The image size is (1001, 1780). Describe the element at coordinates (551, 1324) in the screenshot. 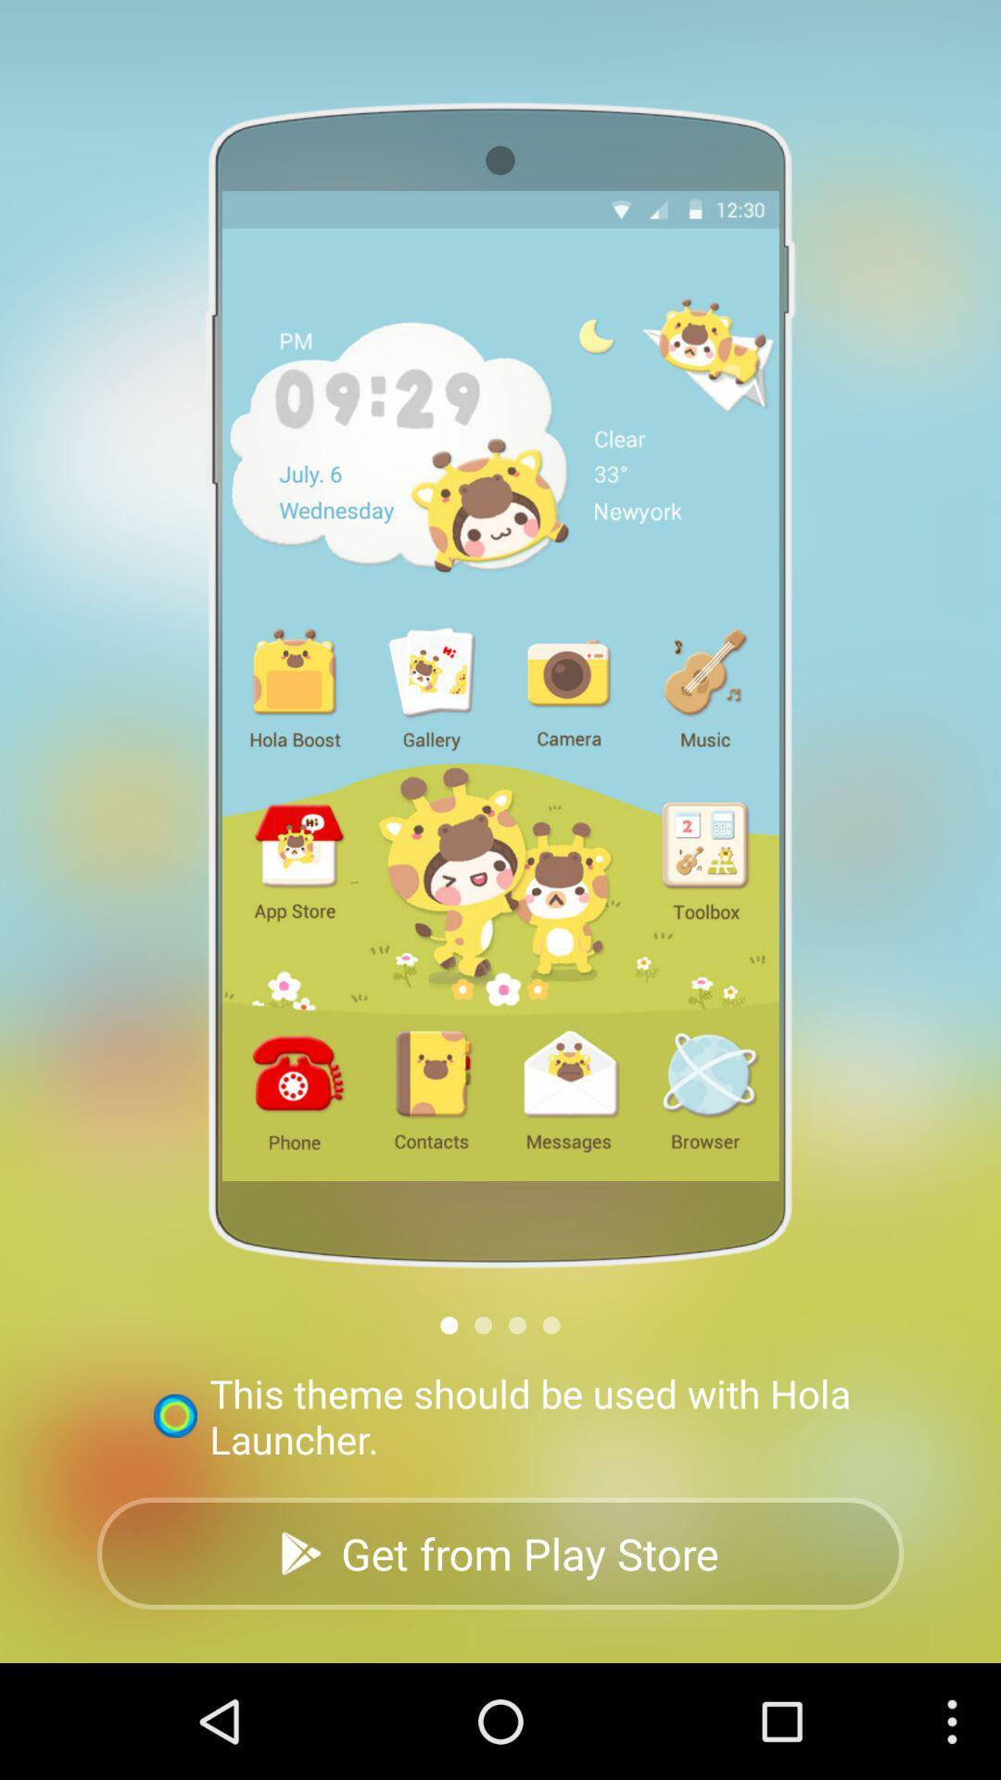

I see `next section` at that location.